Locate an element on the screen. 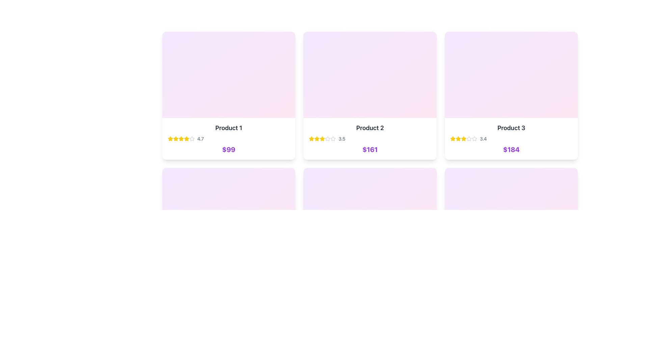 This screenshot has width=648, height=364. the bold, purple-colored price label displaying '$99' located at the bottom of the product card for 'Product 1' is located at coordinates (228, 149).